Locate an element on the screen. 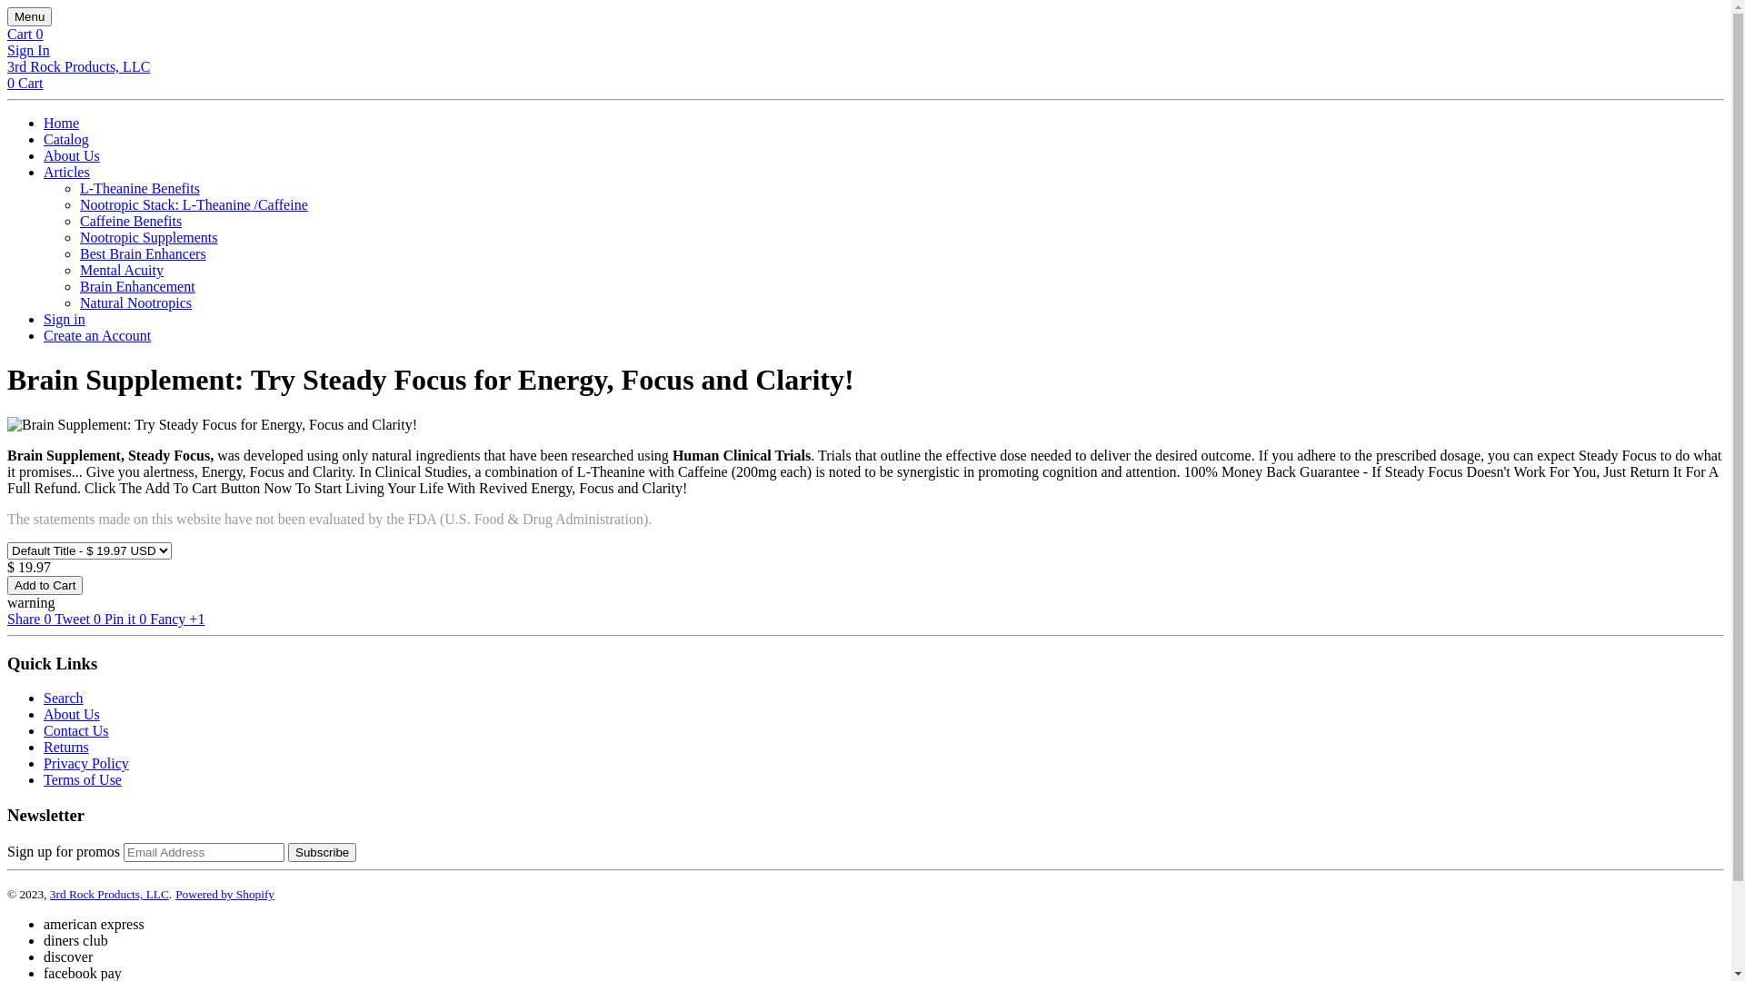 This screenshot has width=1745, height=981. 'Natural Nootropics' is located at coordinates (78, 302).